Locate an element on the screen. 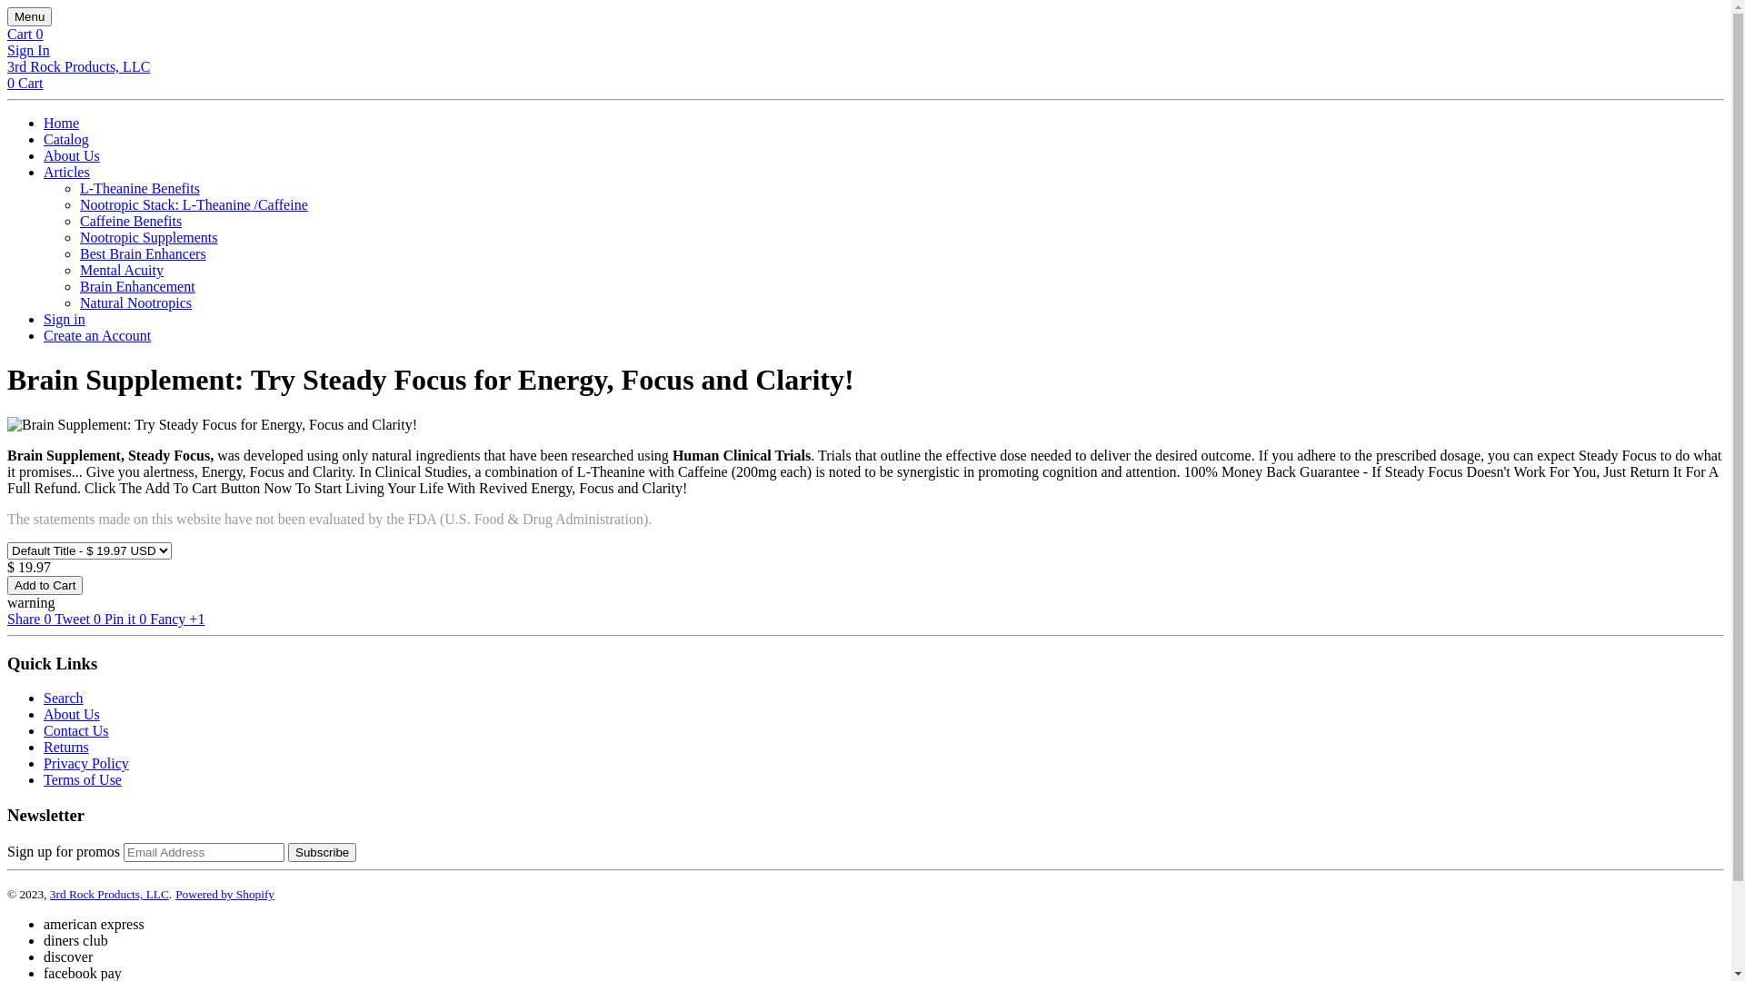 This screenshot has width=1745, height=981. 'Natural Nootropics' is located at coordinates (78, 302).